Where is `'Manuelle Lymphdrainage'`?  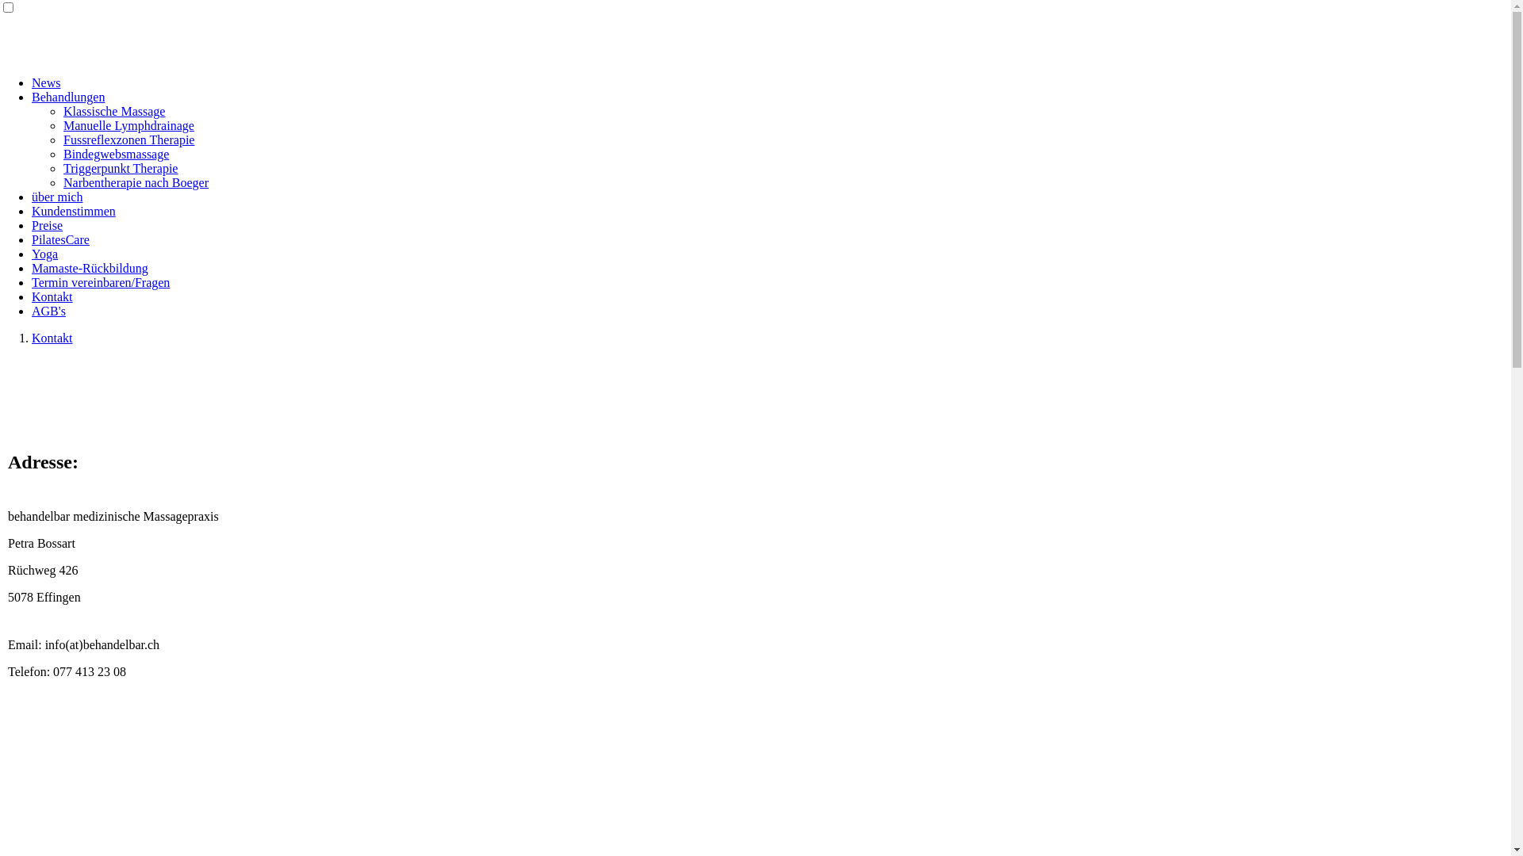
'Manuelle Lymphdrainage' is located at coordinates (129, 124).